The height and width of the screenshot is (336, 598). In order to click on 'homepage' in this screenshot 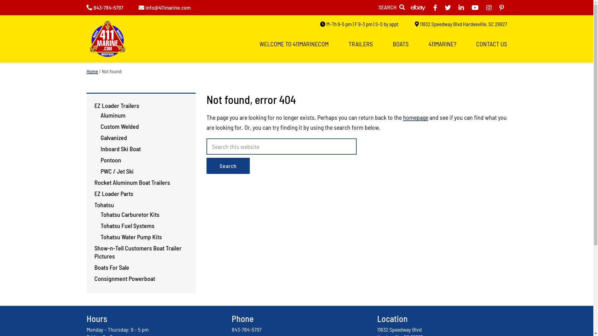, I will do `click(415, 117)`.